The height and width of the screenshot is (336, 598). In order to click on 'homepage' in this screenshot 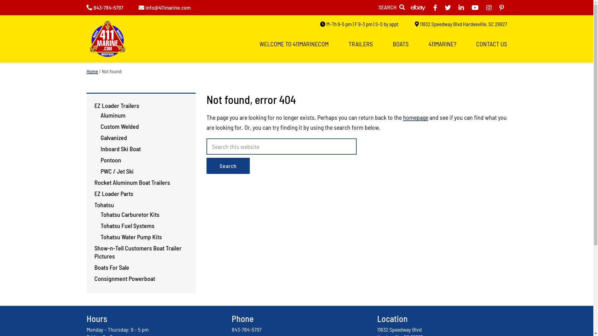, I will do `click(415, 117)`.